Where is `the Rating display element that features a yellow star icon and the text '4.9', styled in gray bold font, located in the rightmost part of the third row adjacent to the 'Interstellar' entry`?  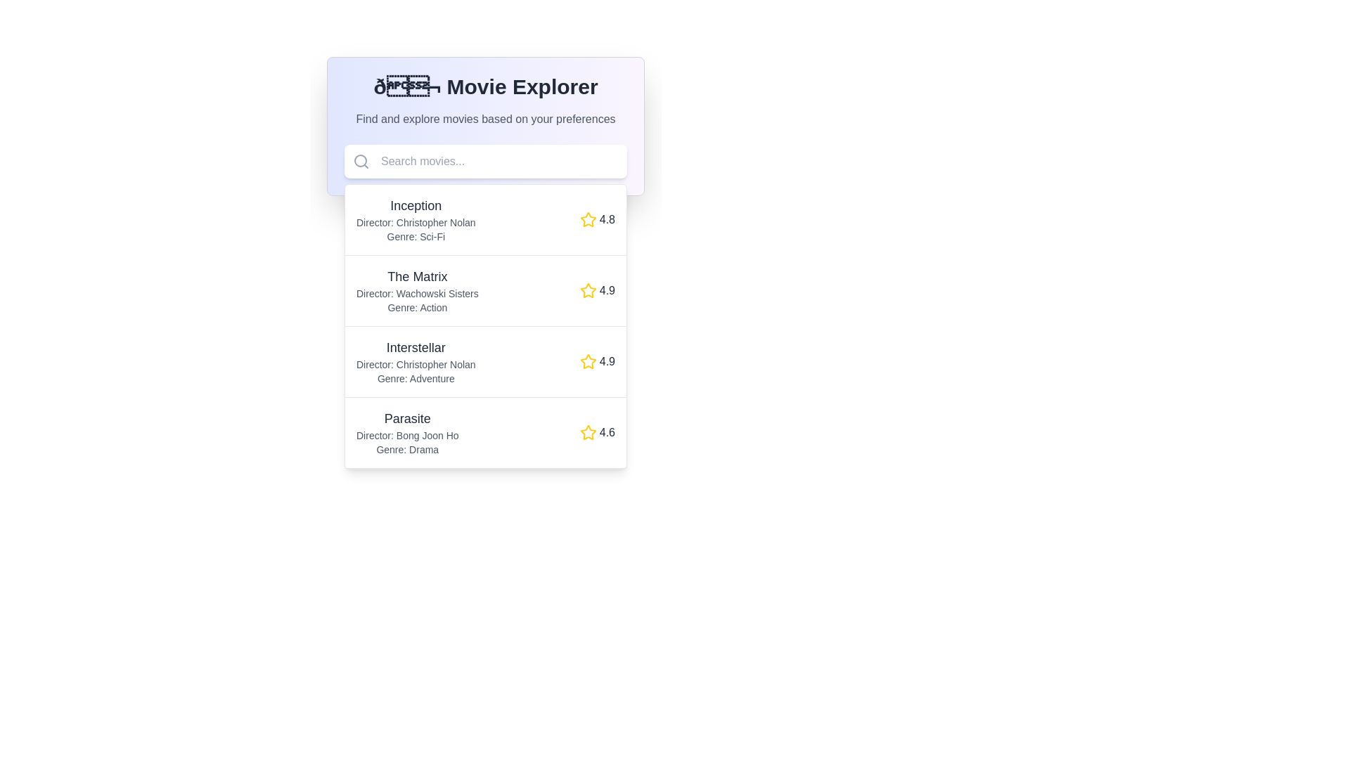 the Rating display element that features a yellow star icon and the text '4.9', styled in gray bold font, located in the rightmost part of the third row adjacent to the 'Interstellar' entry is located at coordinates (597, 361).